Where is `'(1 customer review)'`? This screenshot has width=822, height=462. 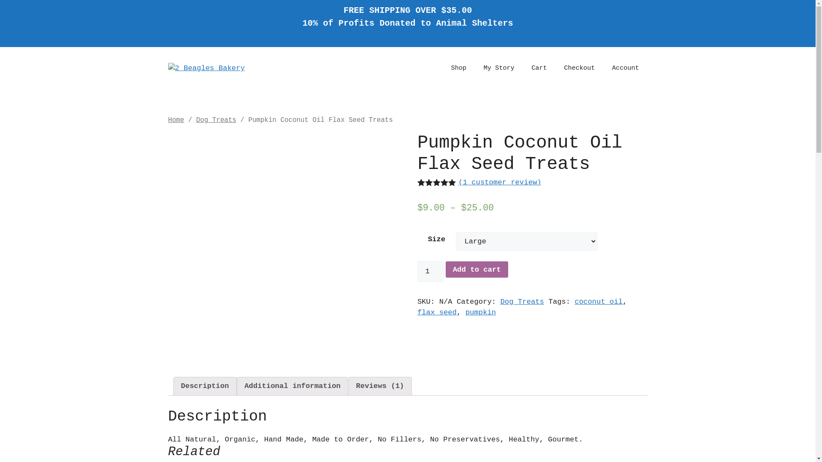
'(1 customer review)' is located at coordinates (500, 182).